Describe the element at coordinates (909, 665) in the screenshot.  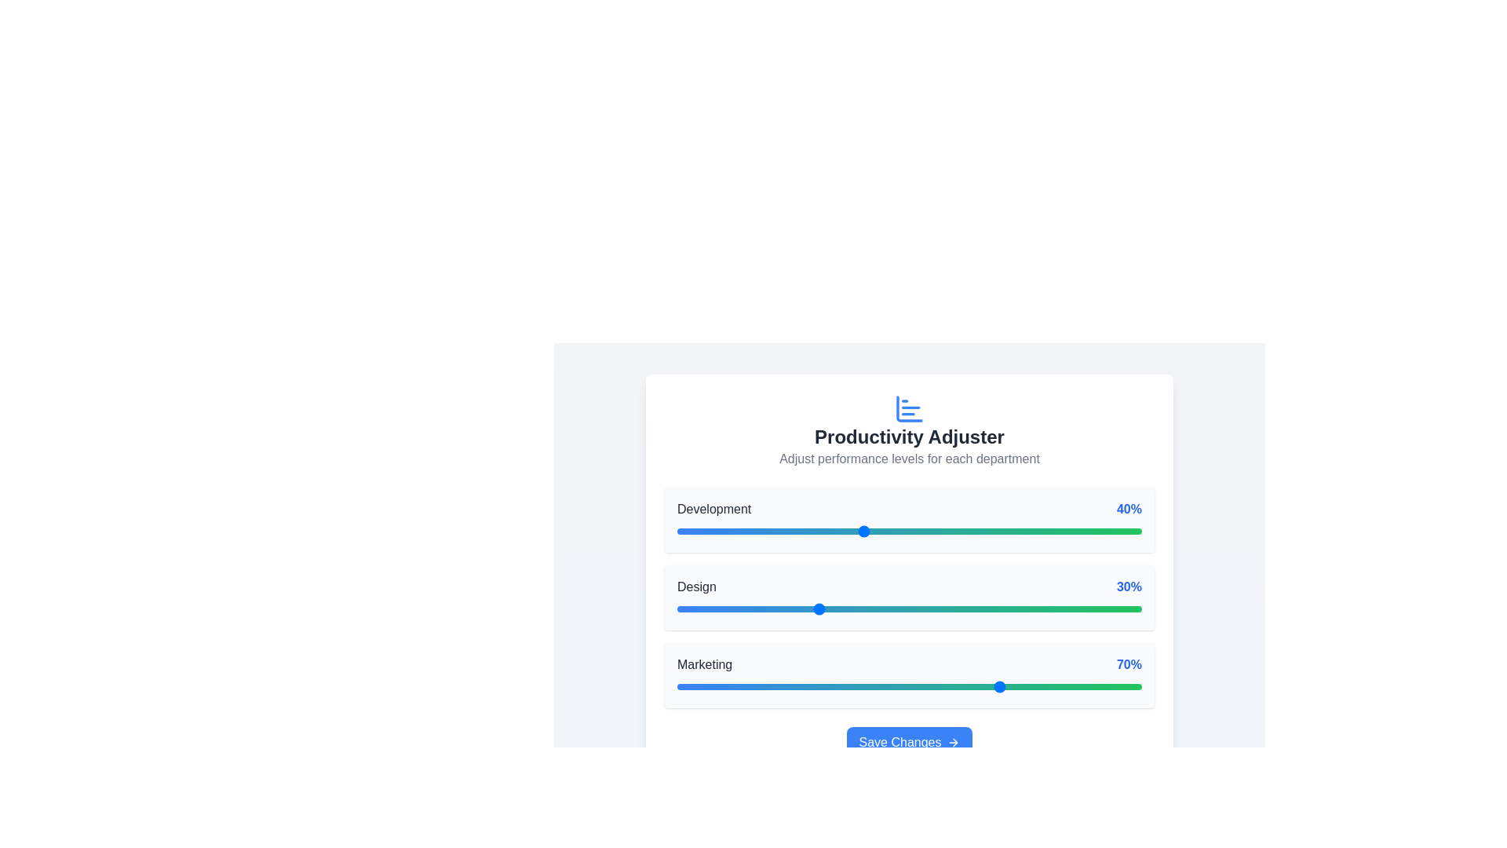
I see `the marketing department's performance level displayed by the label and percentage indicator pair located below the 'Design' group and above the associated progress bar` at that location.